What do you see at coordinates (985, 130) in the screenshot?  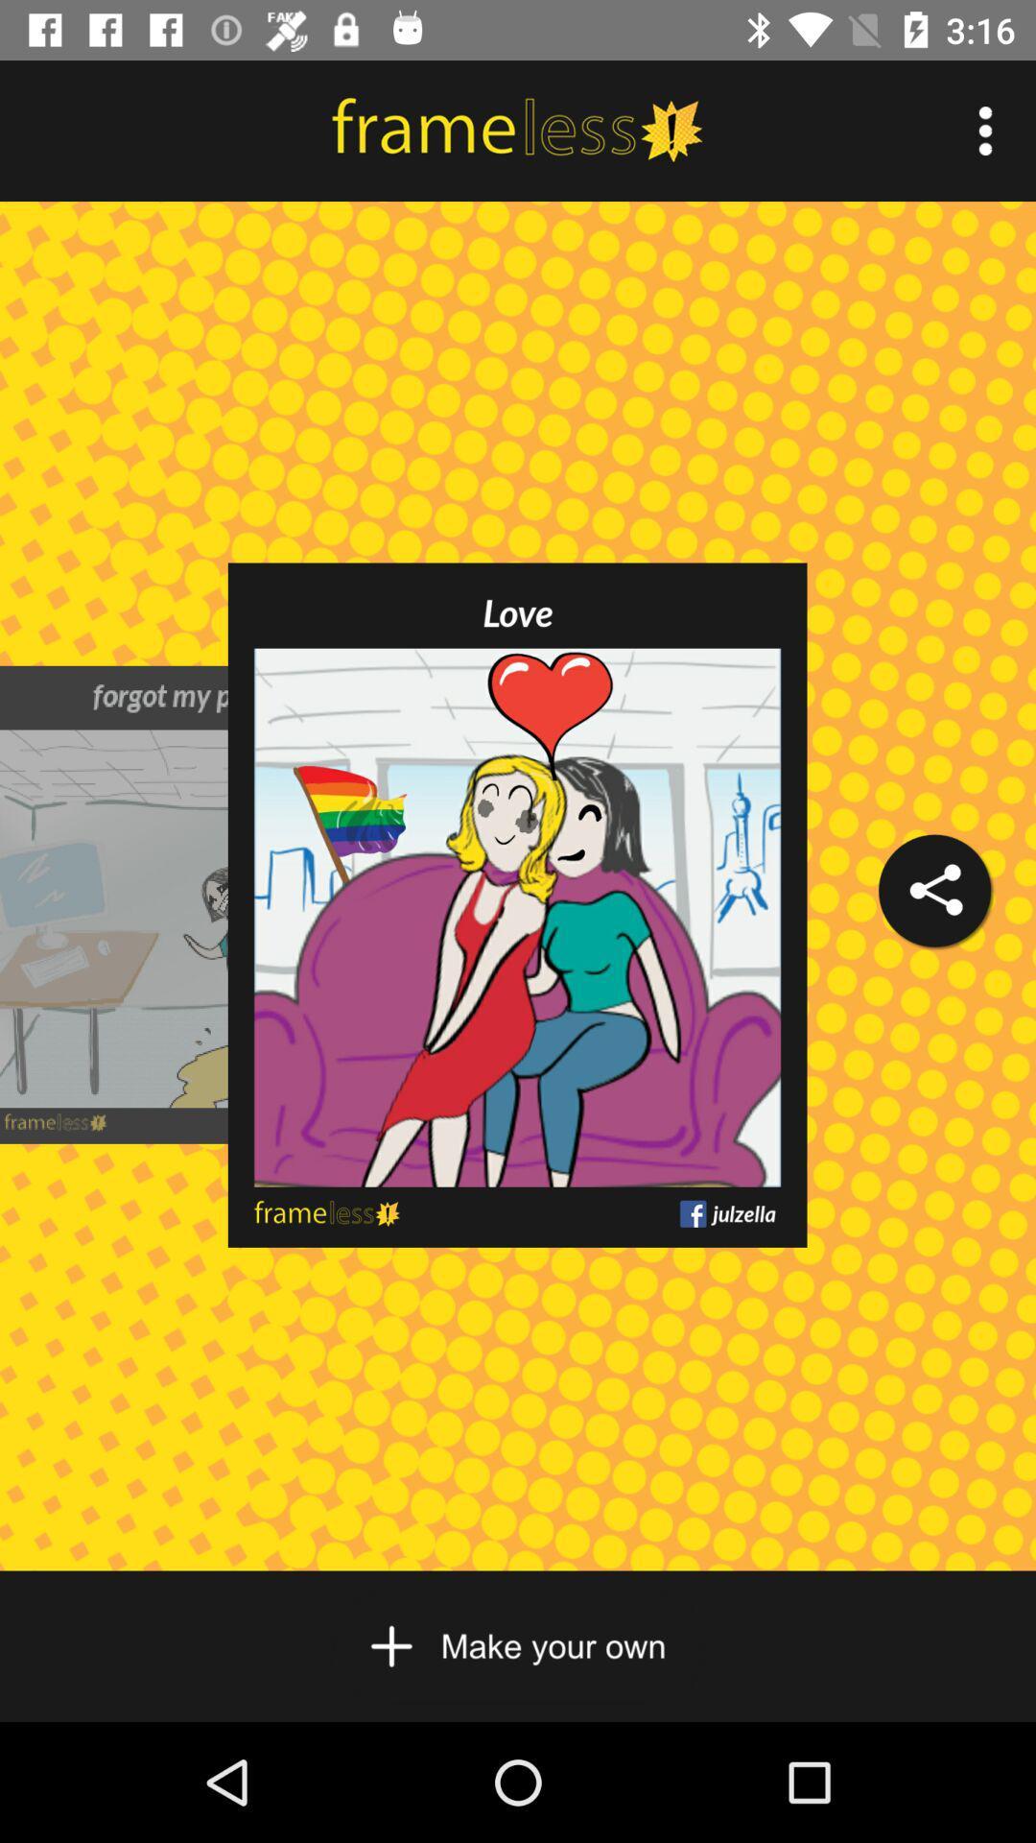 I see `item at the top right corner` at bounding box center [985, 130].